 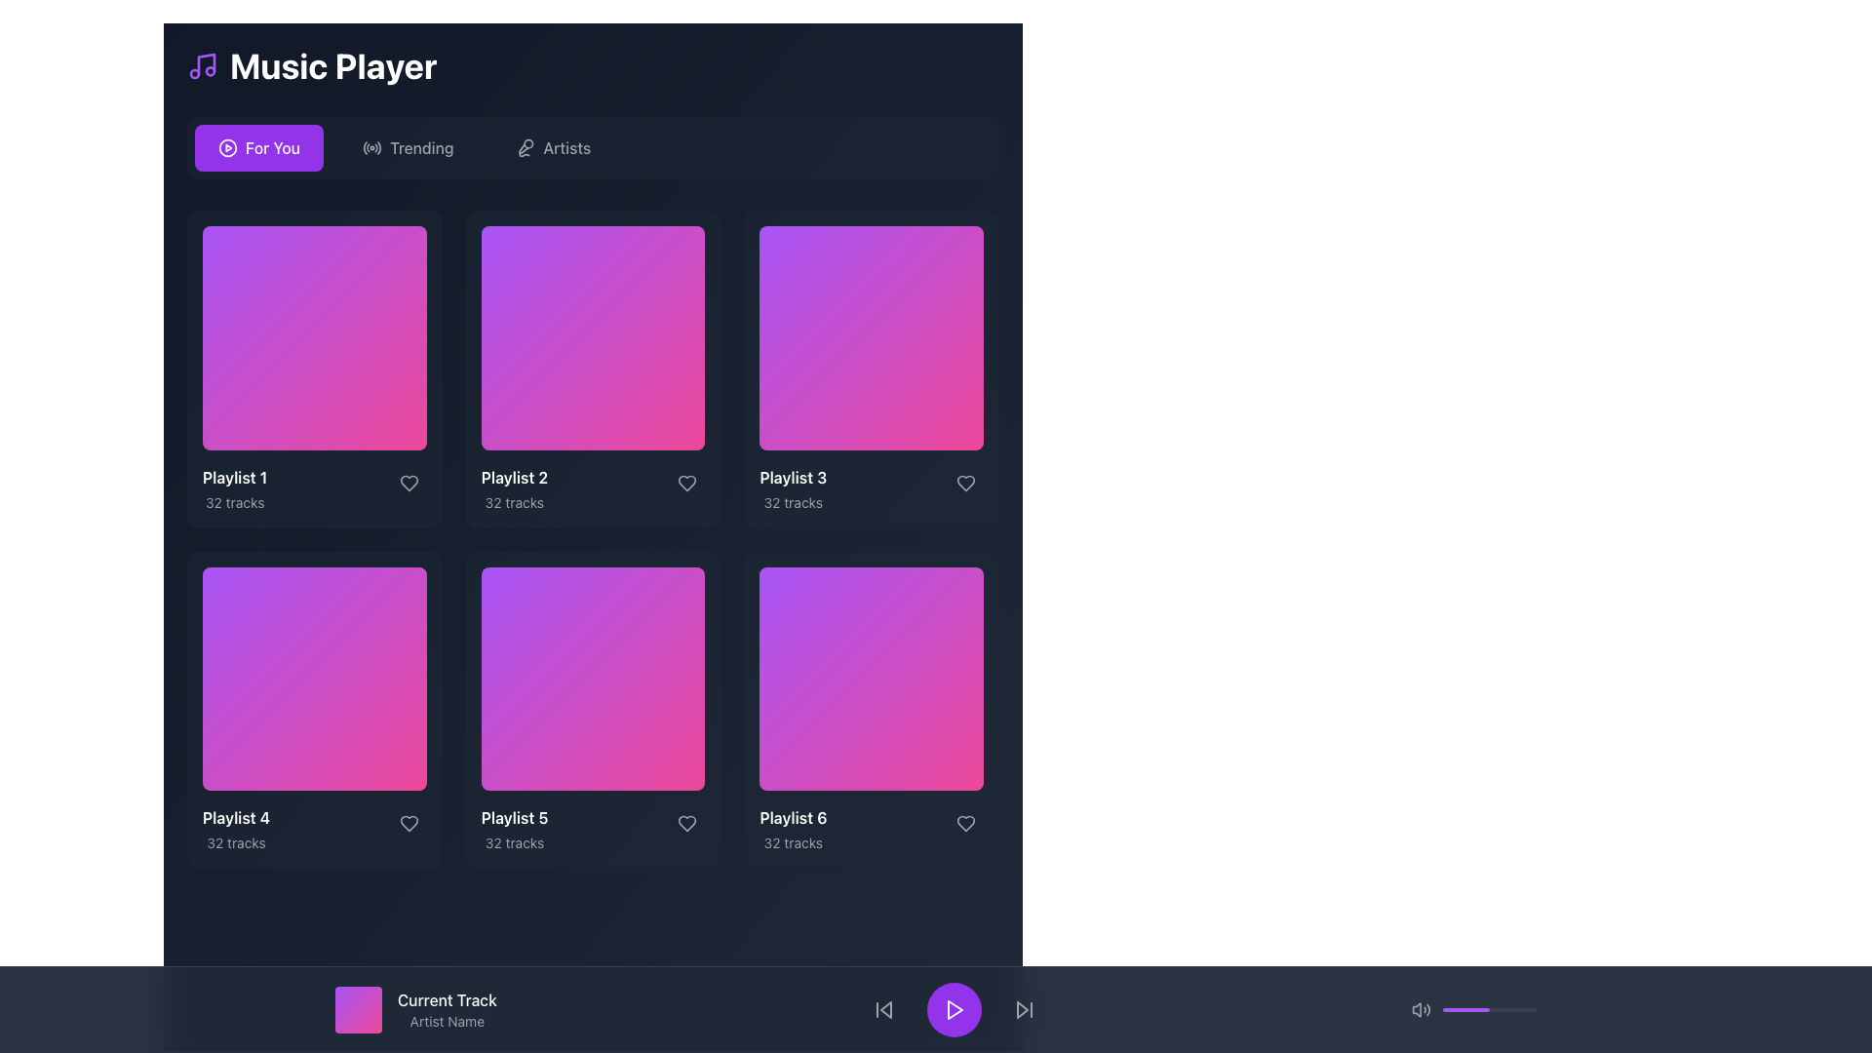 I want to click on the slider value, so click(x=1509, y=1009).